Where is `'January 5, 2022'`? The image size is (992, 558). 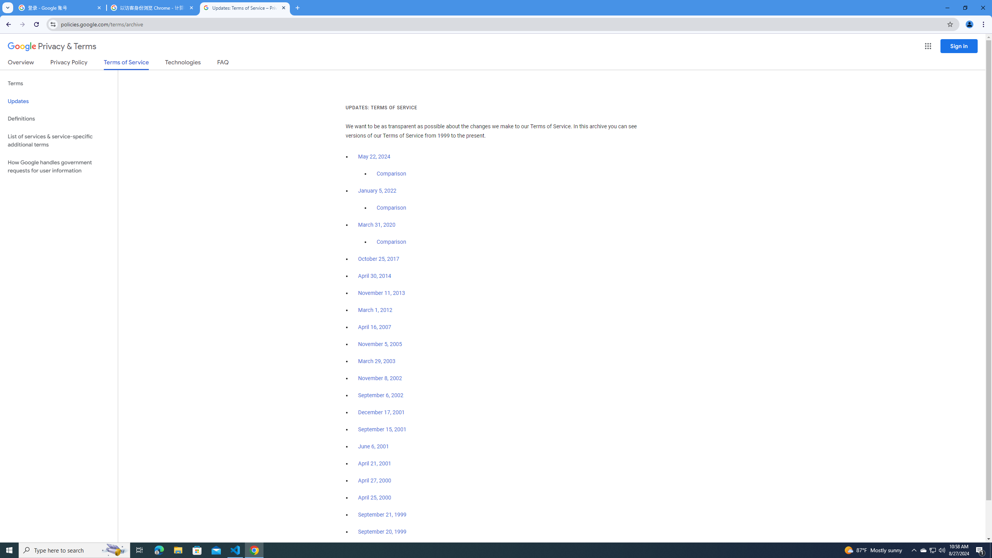 'January 5, 2022' is located at coordinates (377, 191).